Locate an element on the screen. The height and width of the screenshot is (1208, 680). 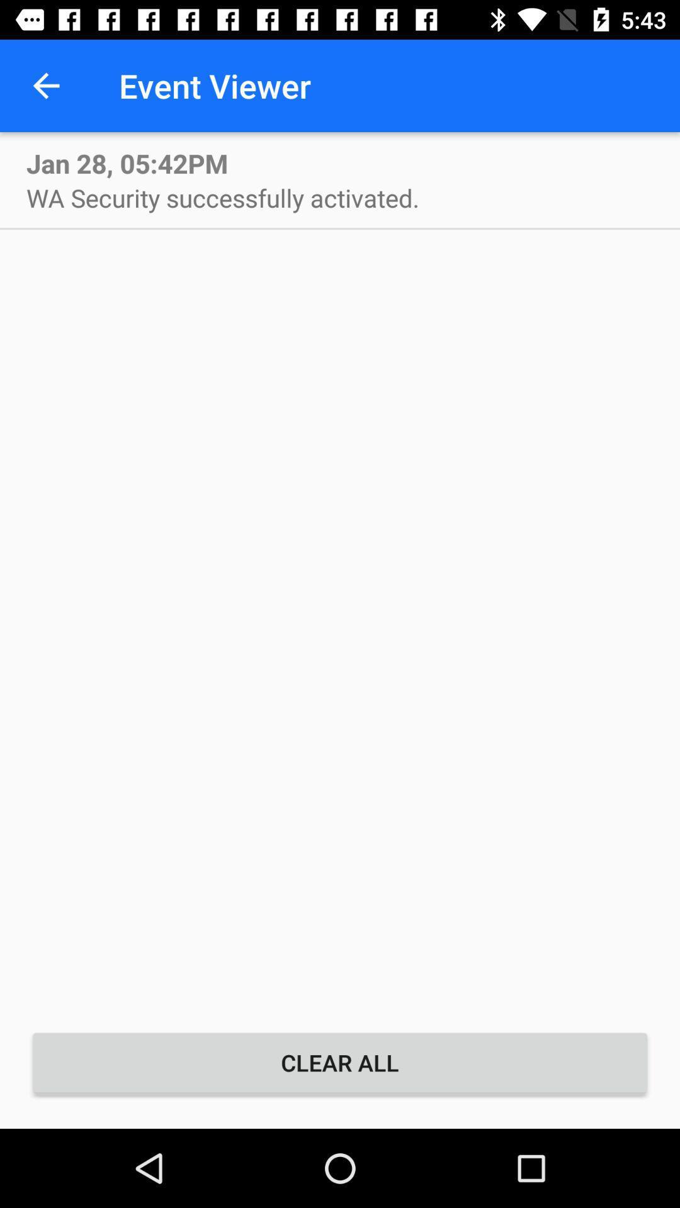
icon above the jan 28 05 is located at coordinates (45, 85).